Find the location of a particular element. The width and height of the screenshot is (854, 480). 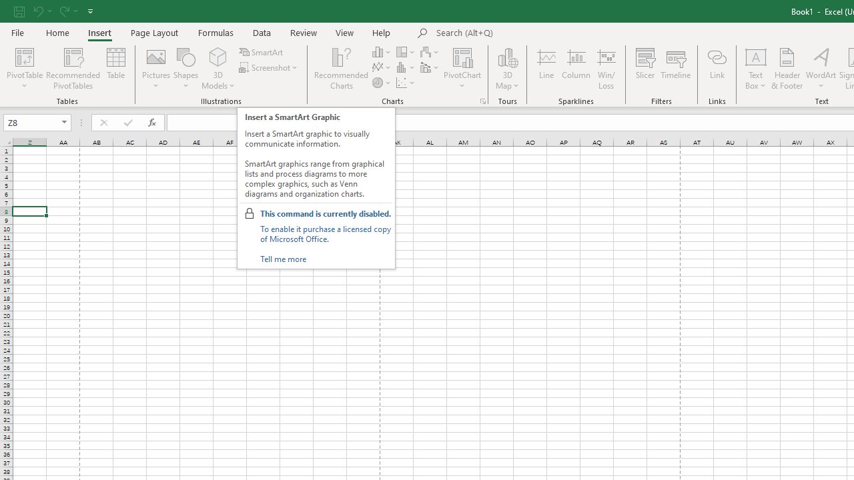

'File Tab' is located at coordinates (17, 31).